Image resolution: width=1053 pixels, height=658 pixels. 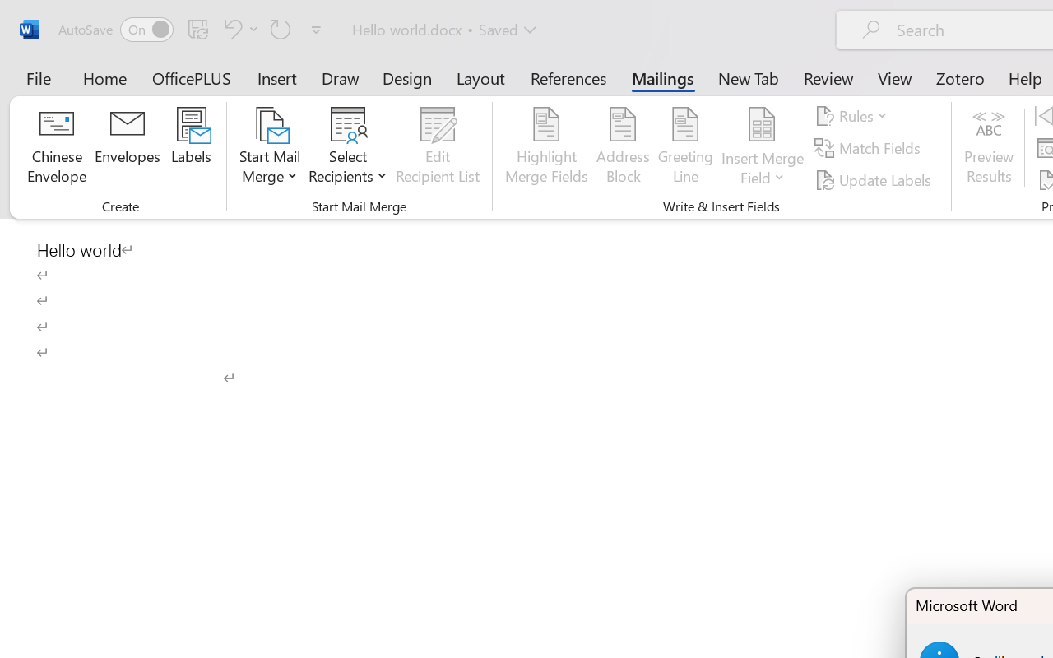 I want to click on 'Save', so click(x=197, y=28).